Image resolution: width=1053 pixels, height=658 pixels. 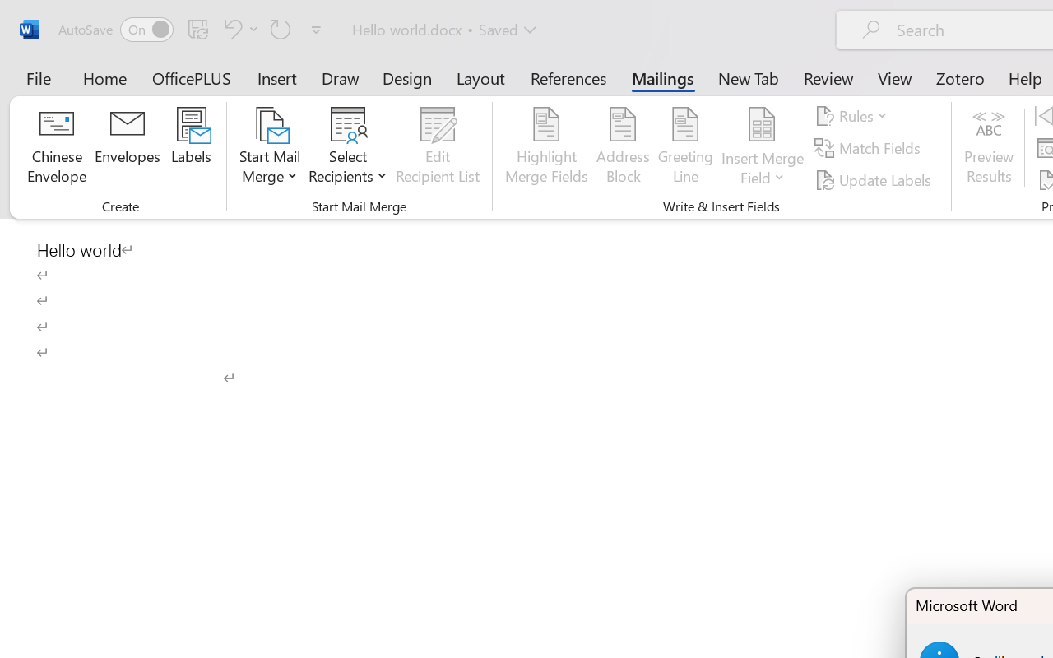 I want to click on 'Save', so click(x=197, y=28).